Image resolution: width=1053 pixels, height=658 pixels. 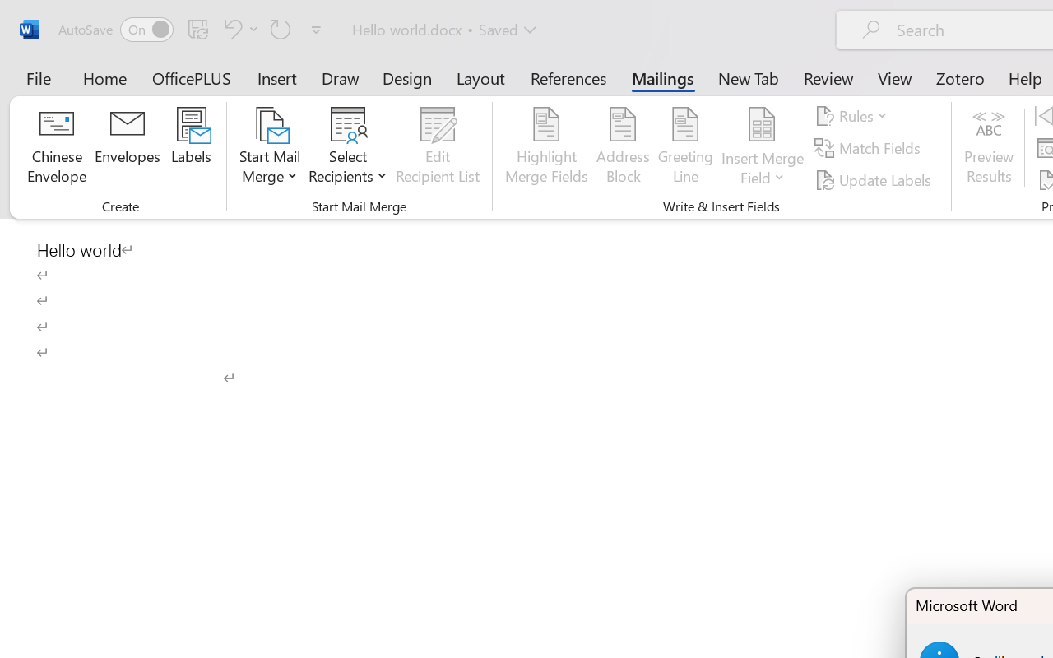 I want to click on 'Save', so click(x=197, y=28).